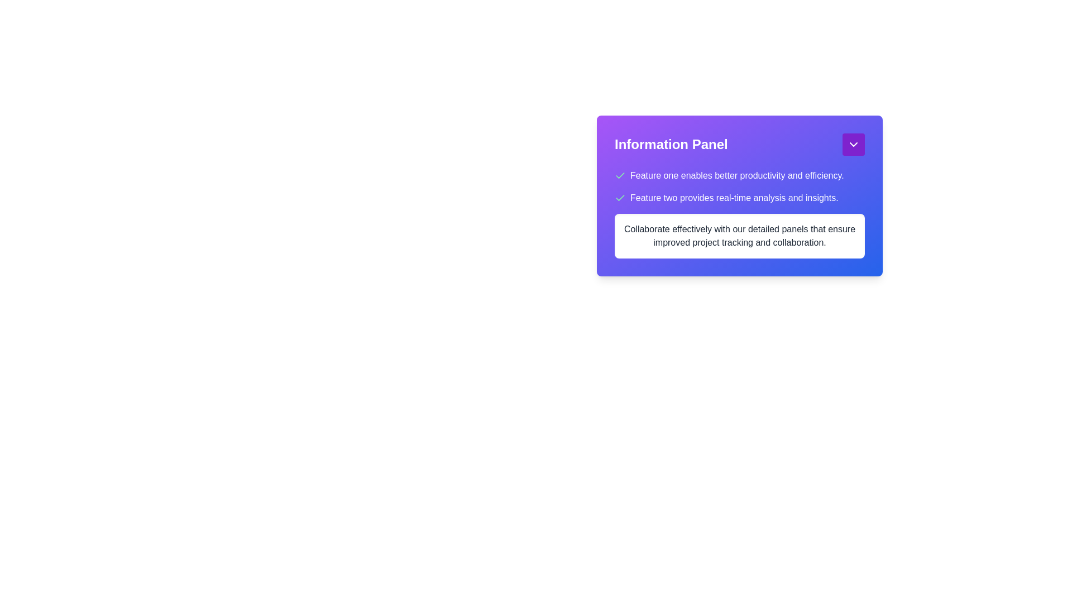  I want to click on descriptive text block that provides details about a collaborative feature within the 'Information Panel', which is positioned below two list items, so click(739, 236).